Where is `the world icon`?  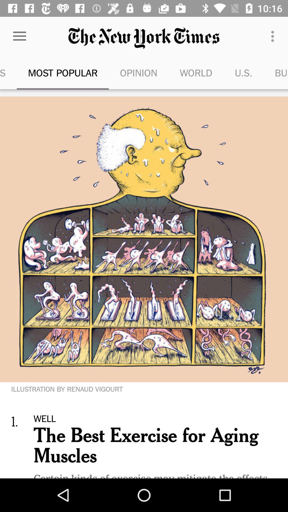 the world icon is located at coordinates (196, 73).